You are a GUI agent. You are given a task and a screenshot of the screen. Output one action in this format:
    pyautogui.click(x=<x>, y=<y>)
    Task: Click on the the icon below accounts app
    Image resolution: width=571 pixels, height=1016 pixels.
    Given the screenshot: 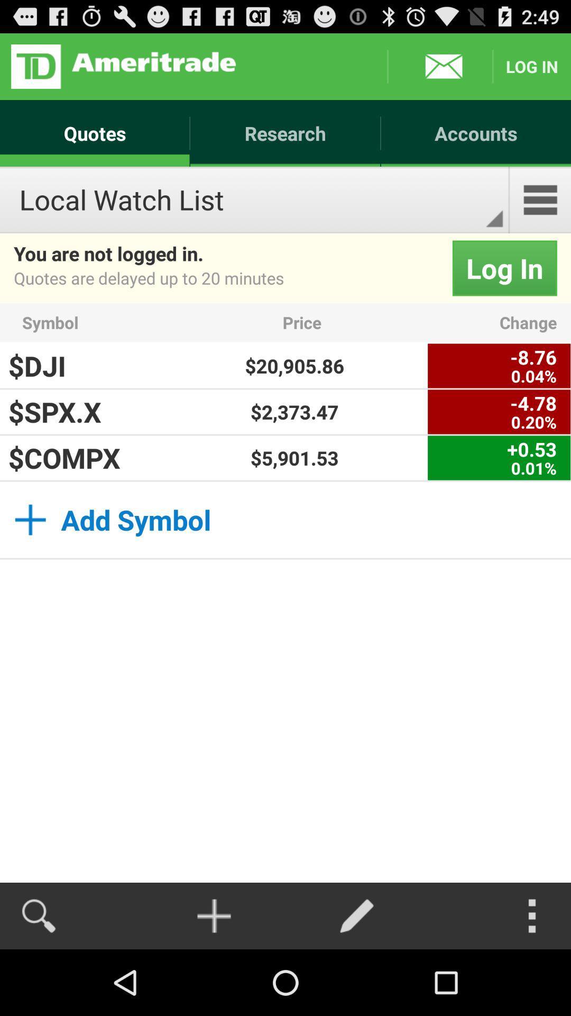 What is the action you would take?
    pyautogui.click(x=540, y=200)
    